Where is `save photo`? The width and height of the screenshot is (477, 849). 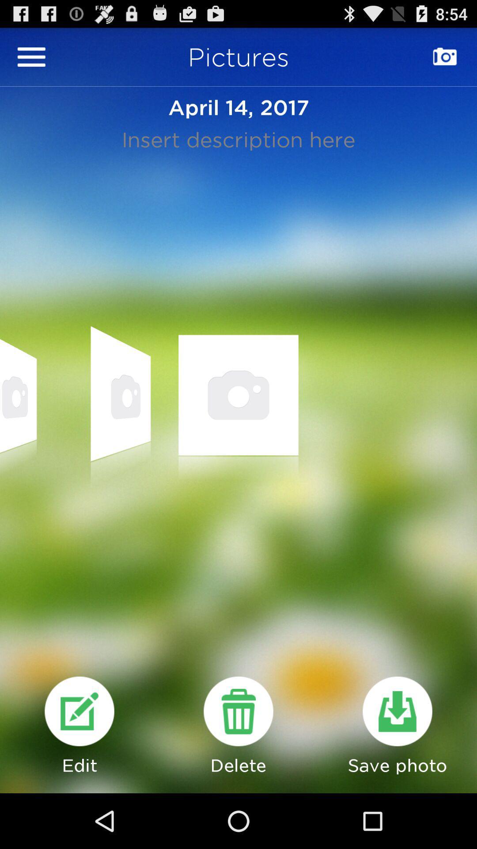
save photo is located at coordinates (397, 711).